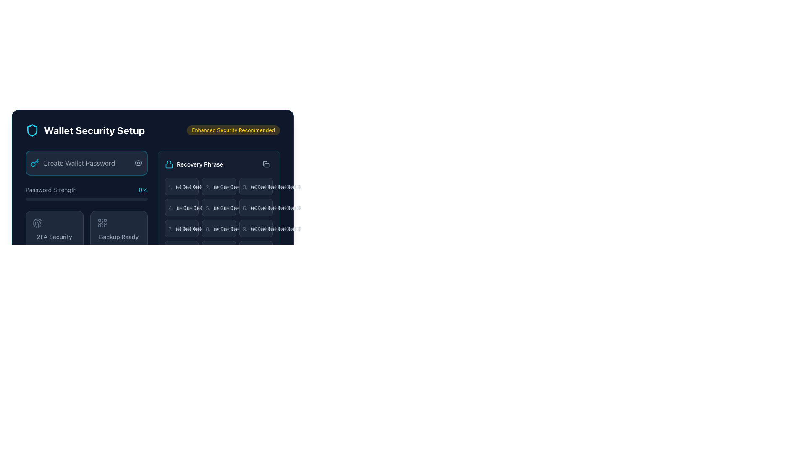 This screenshot has width=806, height=453. What do you see at coordinates (141, 163) in the screenshot?
I see `the eye icon button on the right end of the 'Create Wallet Password' input field` at bounding box center [141, 163].